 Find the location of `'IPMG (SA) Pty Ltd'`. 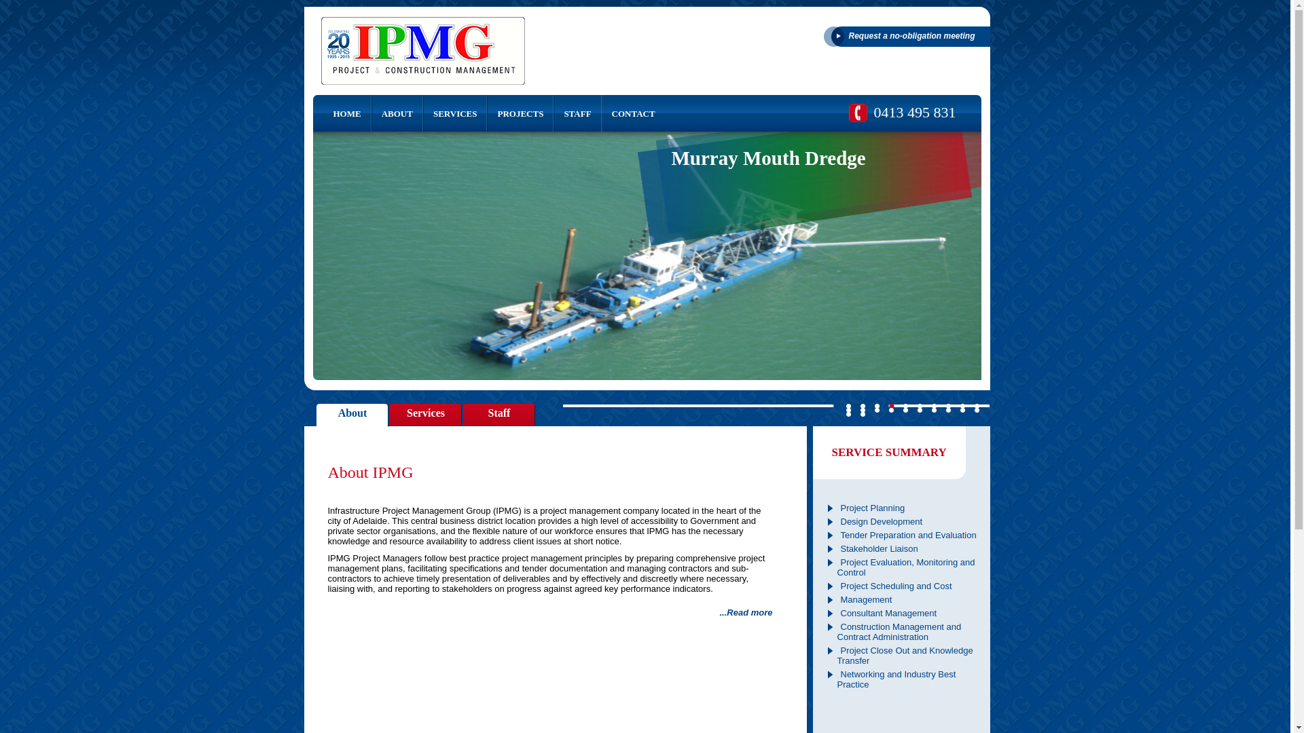

'IPMG (SA) Pty Ltd' is located at coordinates (422, 50).